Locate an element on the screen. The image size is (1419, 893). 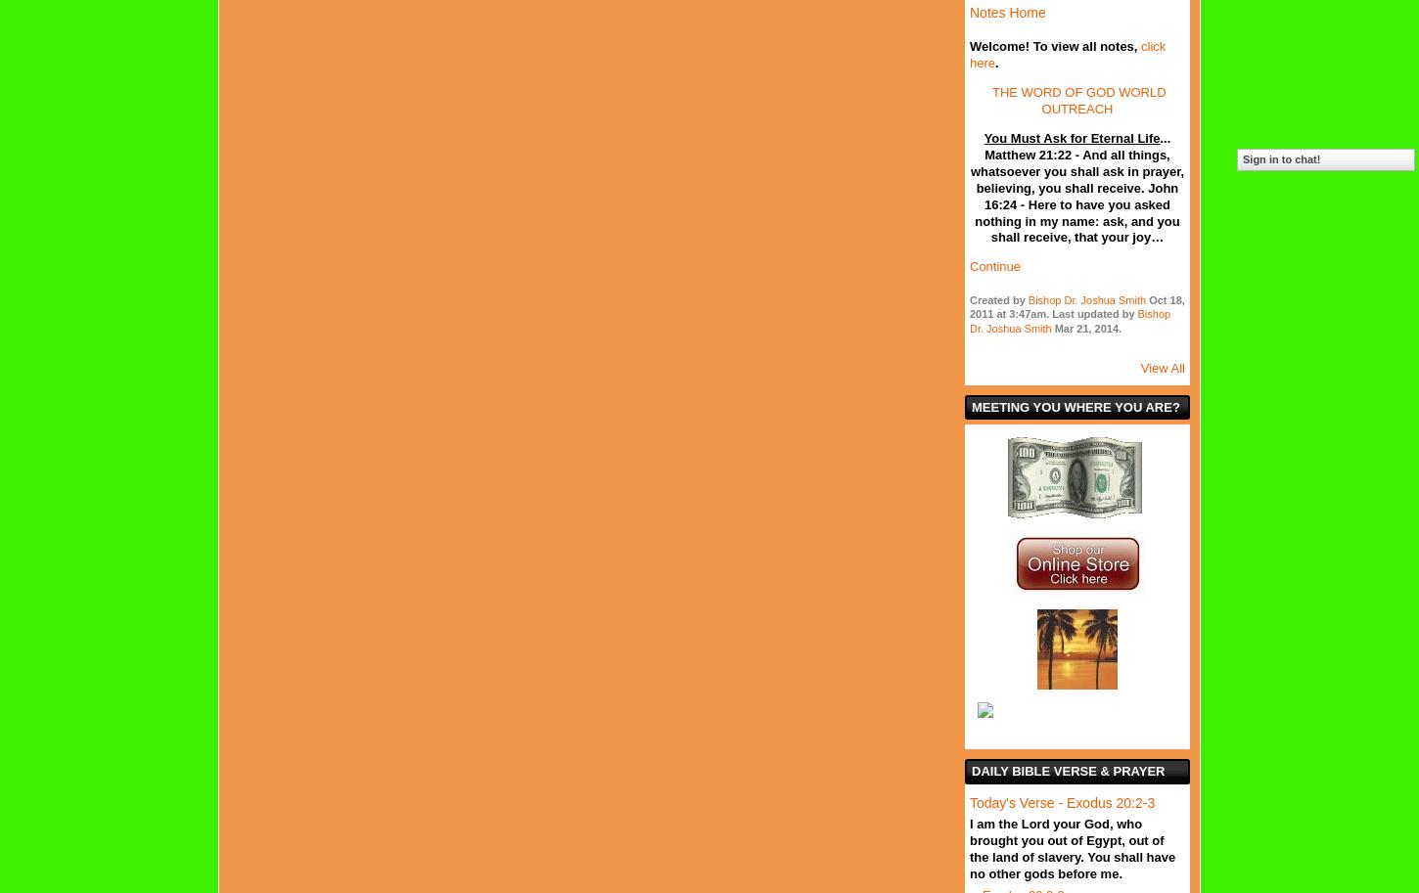
'Created by' is located at coordinates (998, 299).